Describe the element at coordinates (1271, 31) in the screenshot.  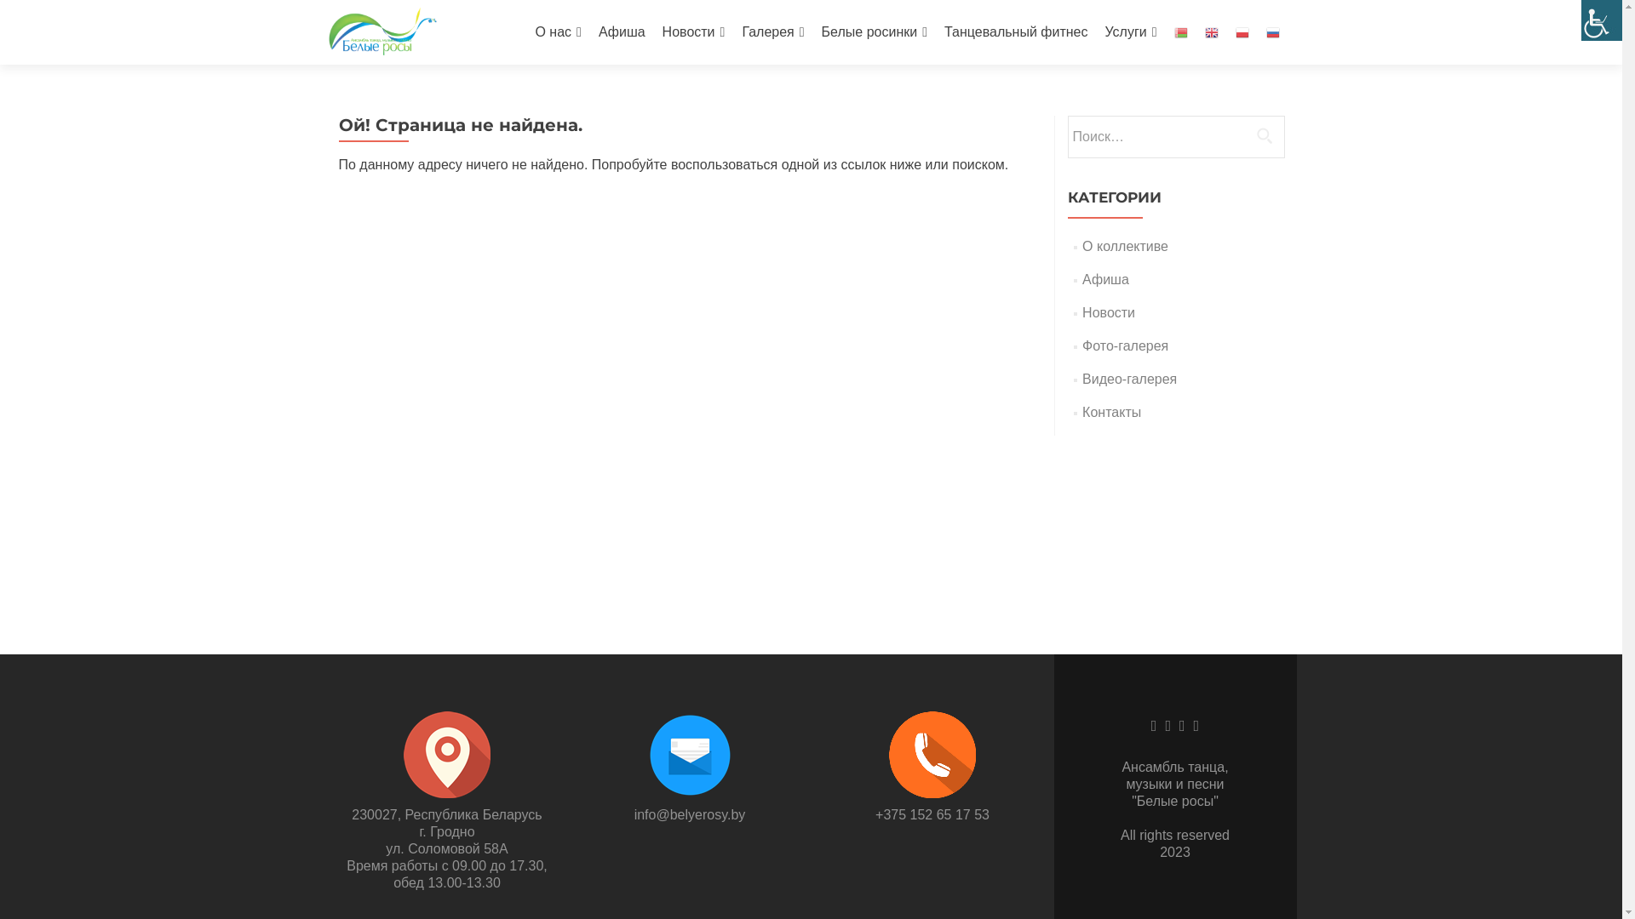
I see `'Russian'` at that location.